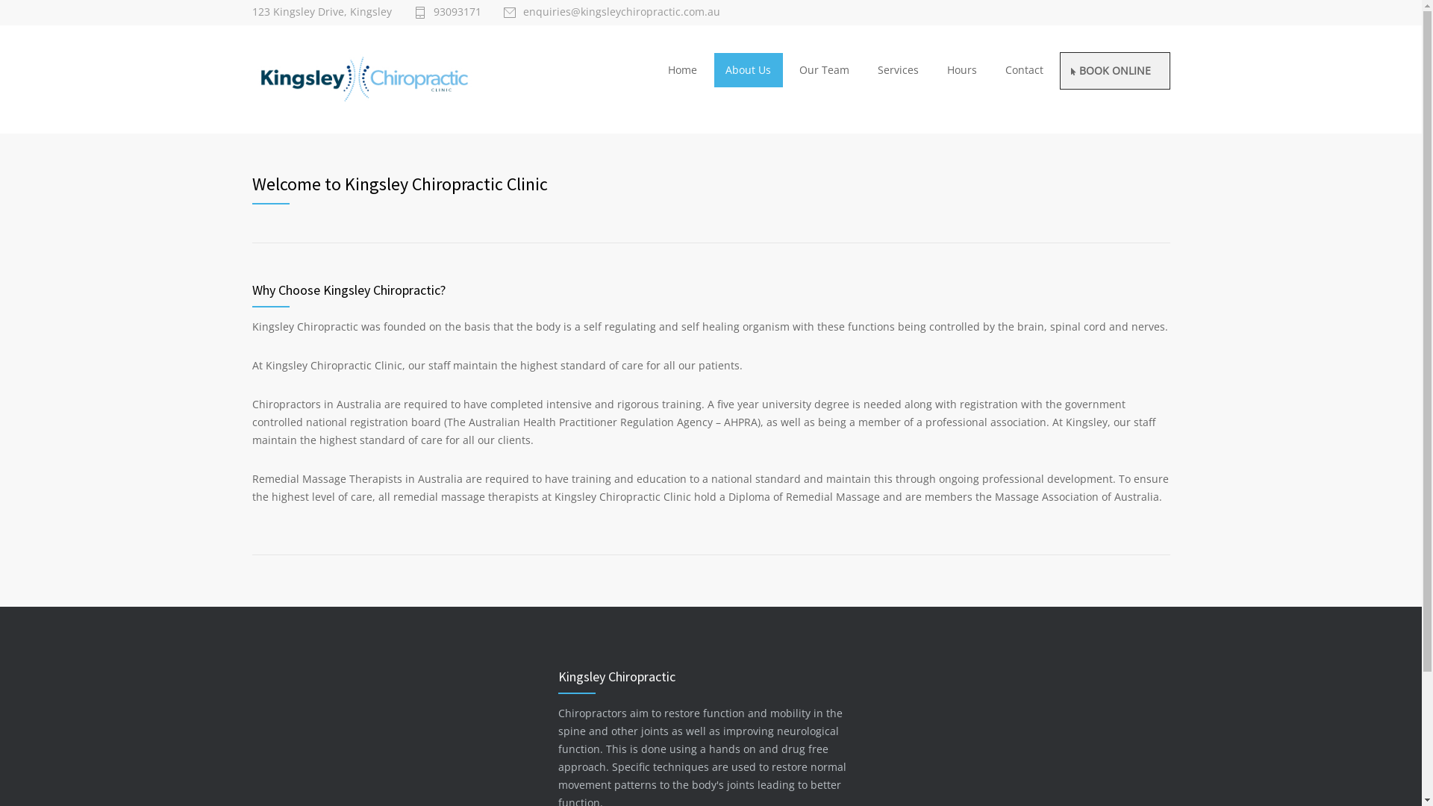 The width and height of the screenshot is (1433, 806). Describe the element at coordinates (823, 69) in the screenshot. I see `'Our Team'` at that location.